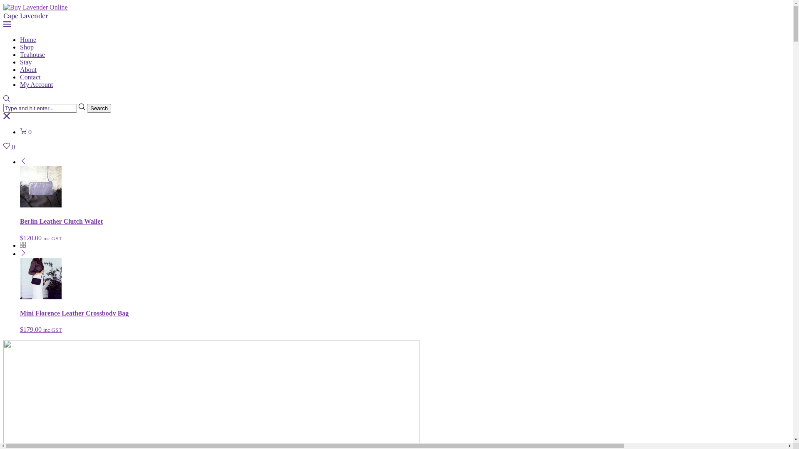 This screenshot has height=449, width=799. I want to click on '$179.00 inc GST', so click(40, 329).